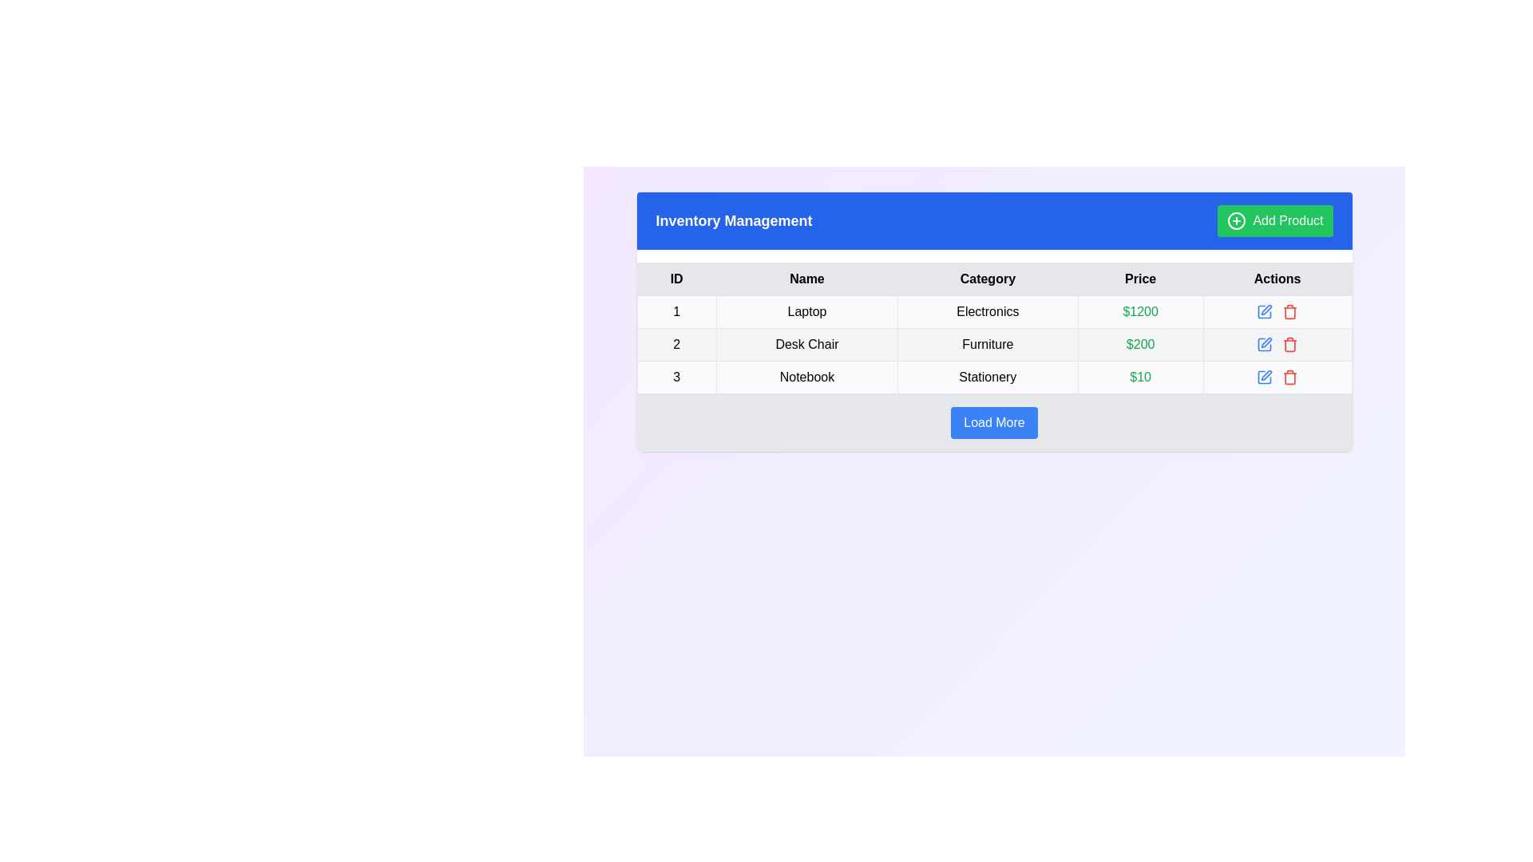 This screenshot has height=862, width=1533. I want to click on the 'Furniture' text label, which is located in the second row of the category column in the grid-like table structure, so click(987, 344).